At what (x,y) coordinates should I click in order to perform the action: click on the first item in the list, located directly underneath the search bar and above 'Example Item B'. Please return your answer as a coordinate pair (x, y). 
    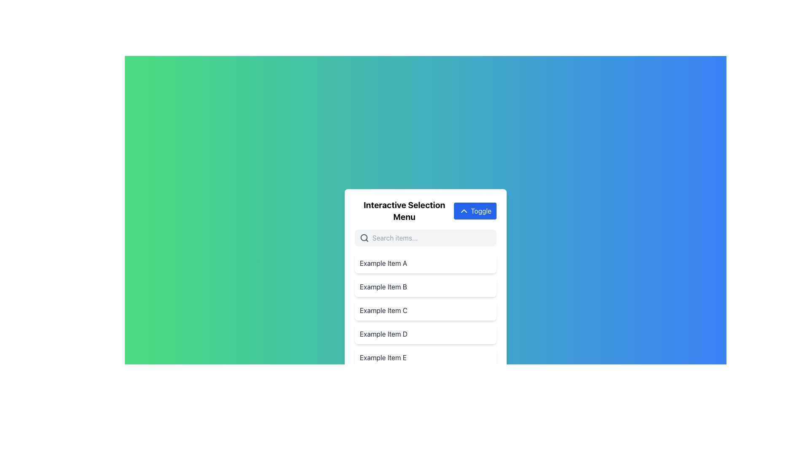
    Looking at the image, I should click on (425, 262).